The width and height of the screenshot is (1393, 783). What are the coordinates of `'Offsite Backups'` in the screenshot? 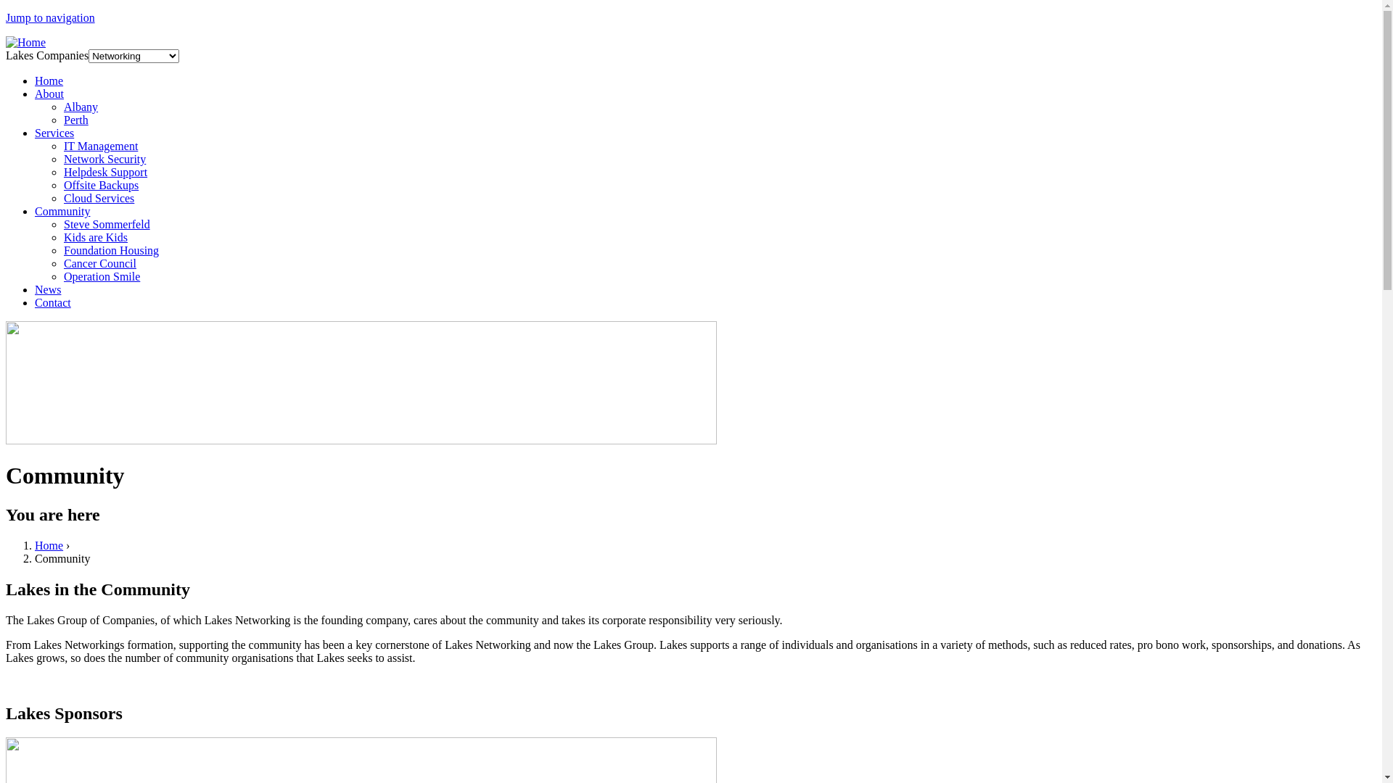 It's located at (100, 184).